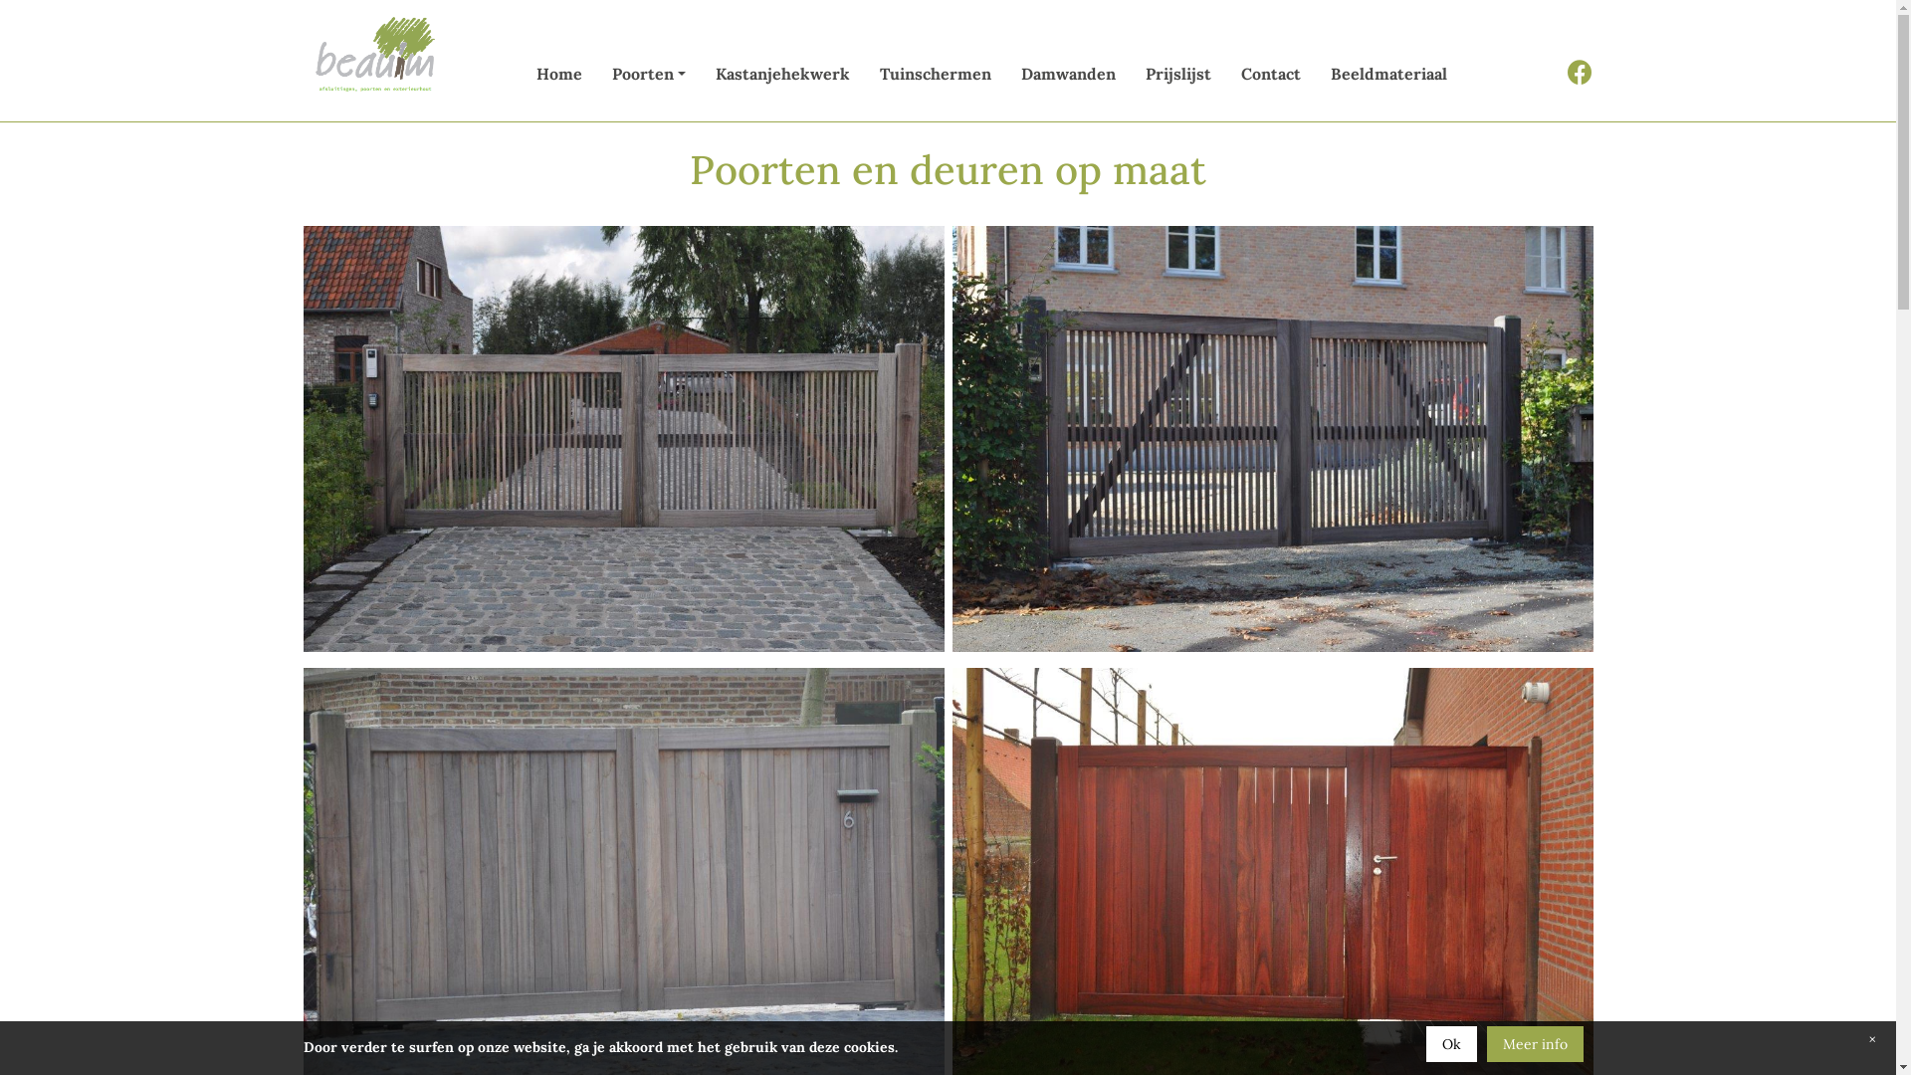 This screenshot has width=1911, height=1075. I want to click on 'Tuinschermen', so click(935, 73).